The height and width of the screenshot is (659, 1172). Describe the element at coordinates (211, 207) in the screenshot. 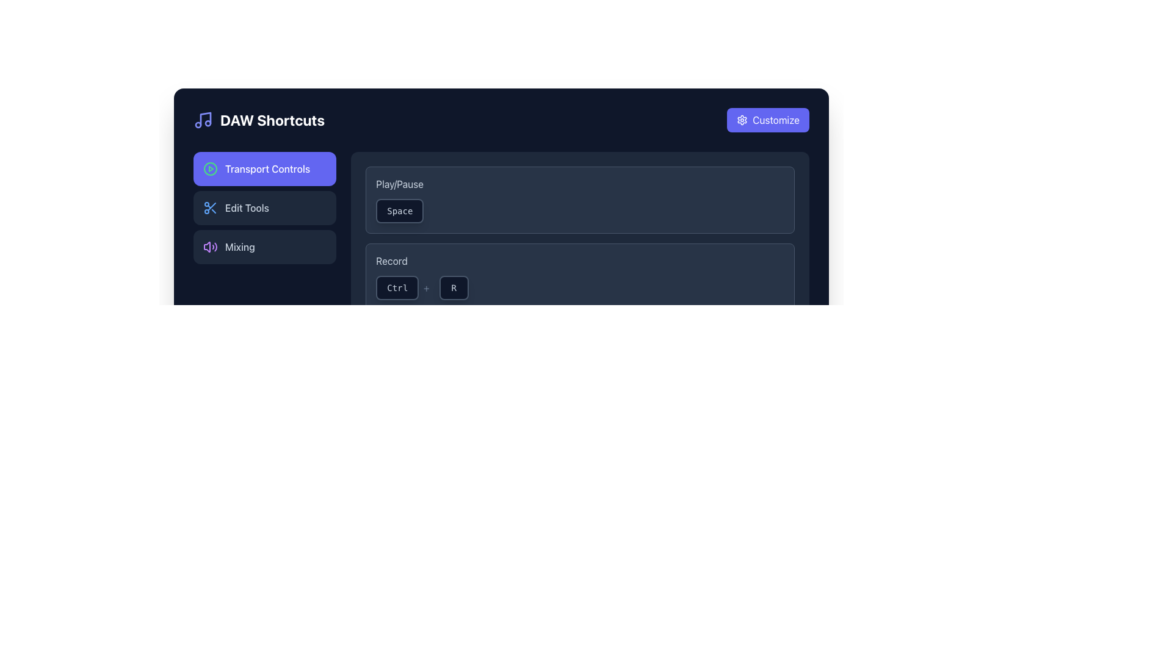

I see `the blue scissors icon located to the left of the 'Edit Tools' label in the left-hand sidebar of the application interface` at that location.